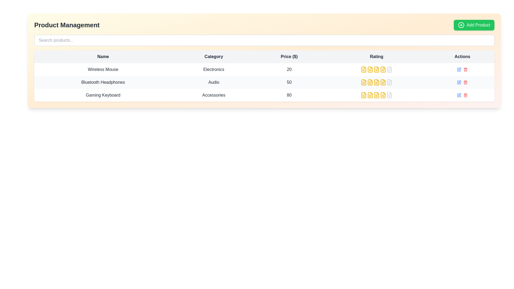 The height and width of the screenshot is (289, 514). What do you see at coordinates (462, 95) in the screenshot?
I see `the edit button in the Actions column for the Gaming Keyboard entry in the table to modify the entry` at bounding box center [462, 95].